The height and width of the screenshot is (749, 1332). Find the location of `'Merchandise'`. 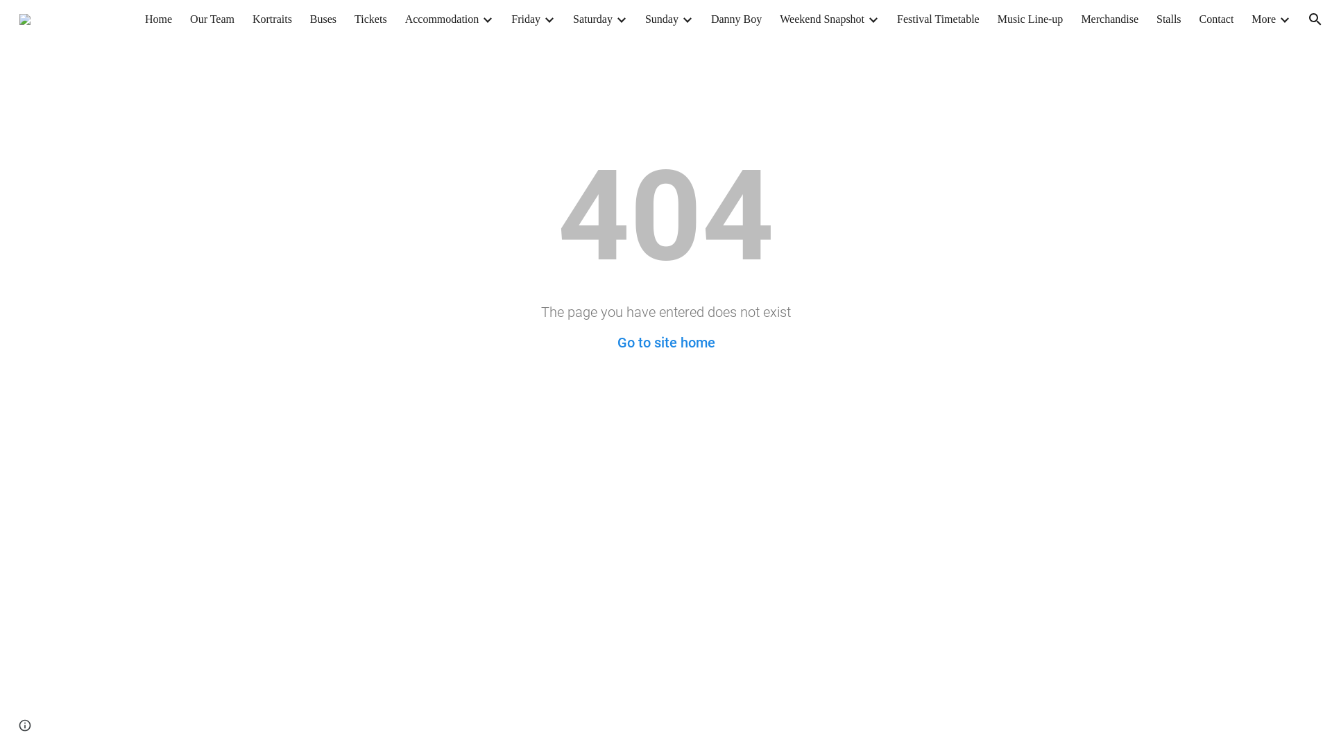

'Merchandise' is located at coordinates (1109, 19).